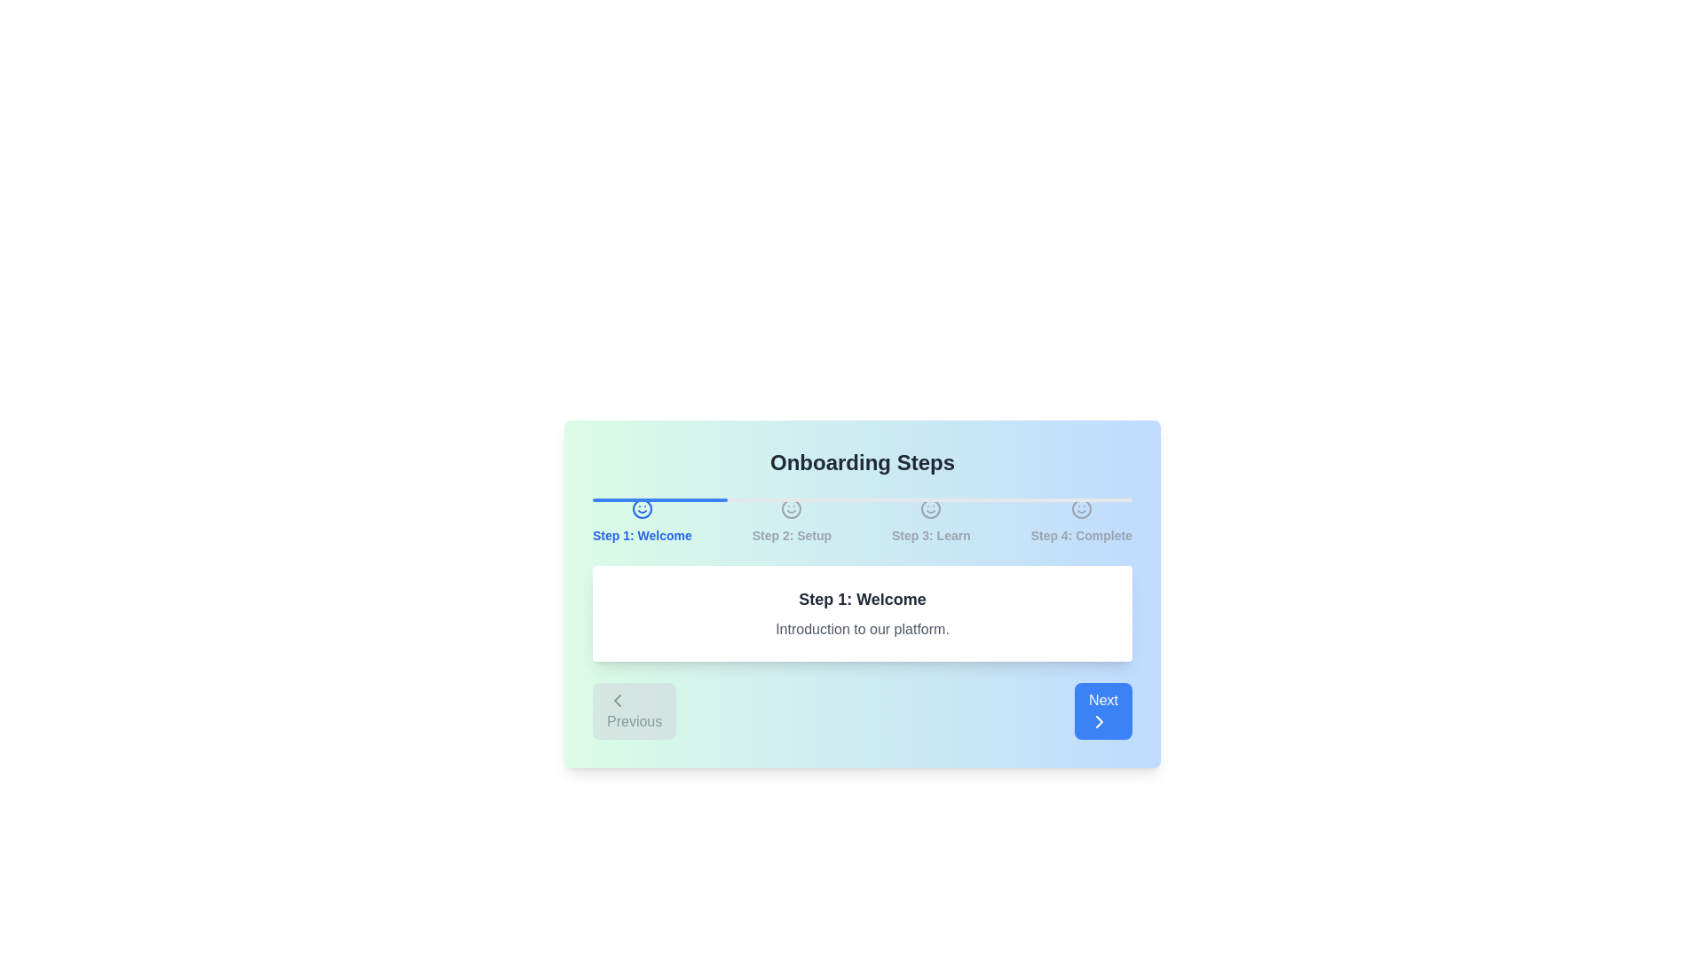 The image size is (1704, 958). What do you see at coordinates (641, 535) in the screenshot?
I see `the Text label indicating the first step in the onboarding process, positioned below the smiley icon labeled as 'Step 1'` at bounding box center [641, 535].